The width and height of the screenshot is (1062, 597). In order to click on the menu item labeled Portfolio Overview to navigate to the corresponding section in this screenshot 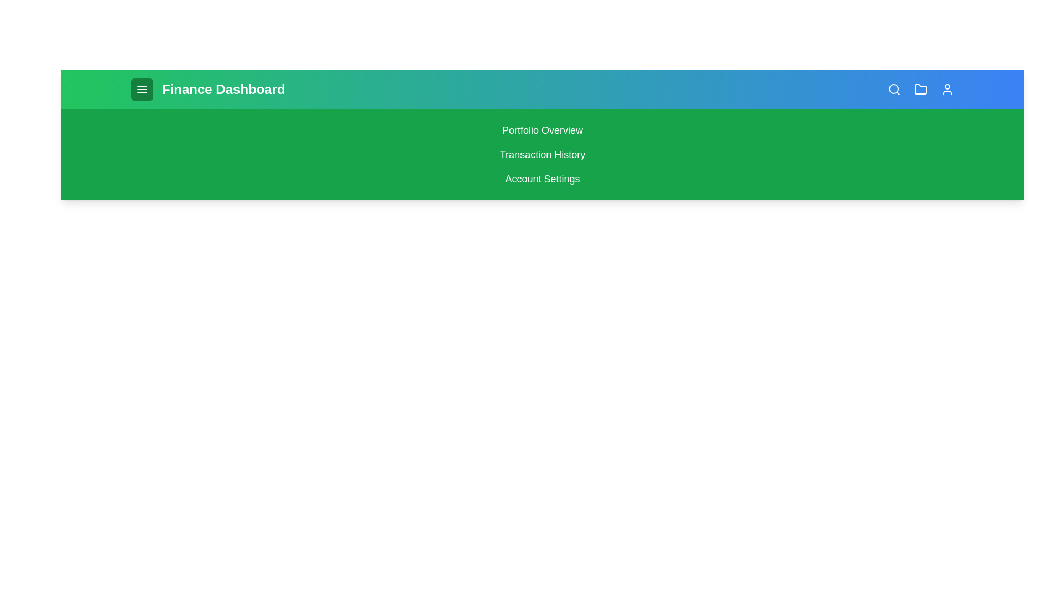, I will do `click(542, 129)`.